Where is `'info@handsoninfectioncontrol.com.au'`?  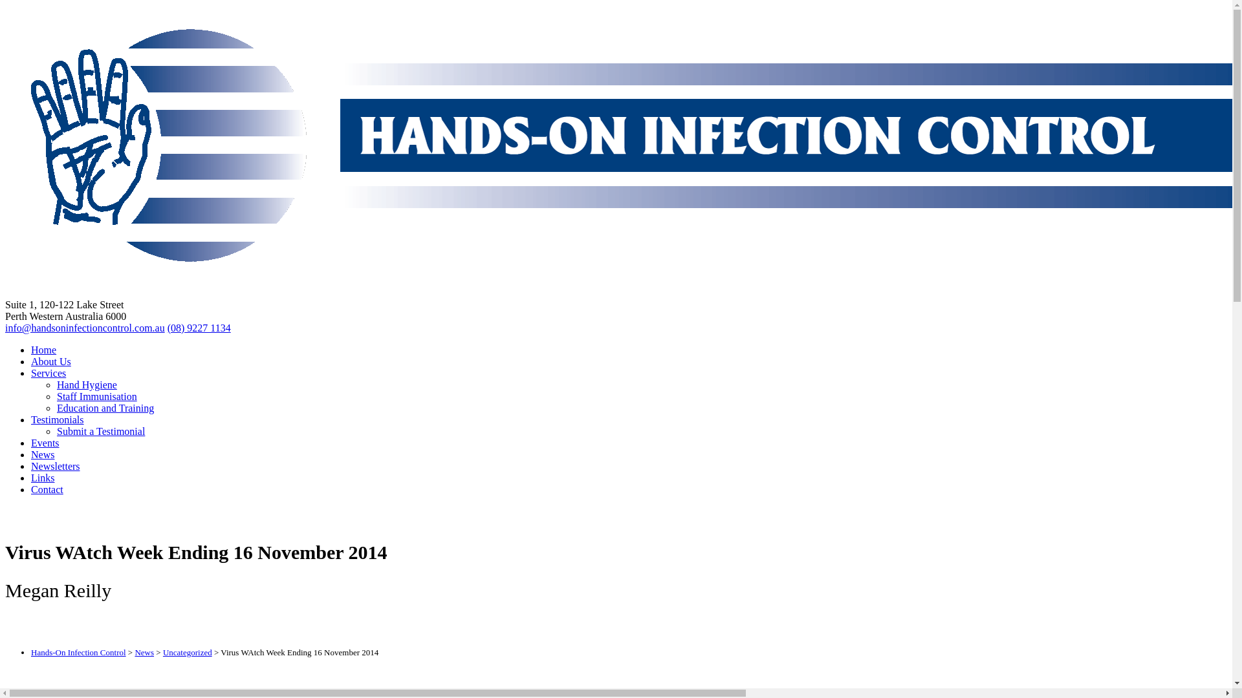 'info@handsoninfectioncontrol.com.au' is located at coordinates (84, 327).